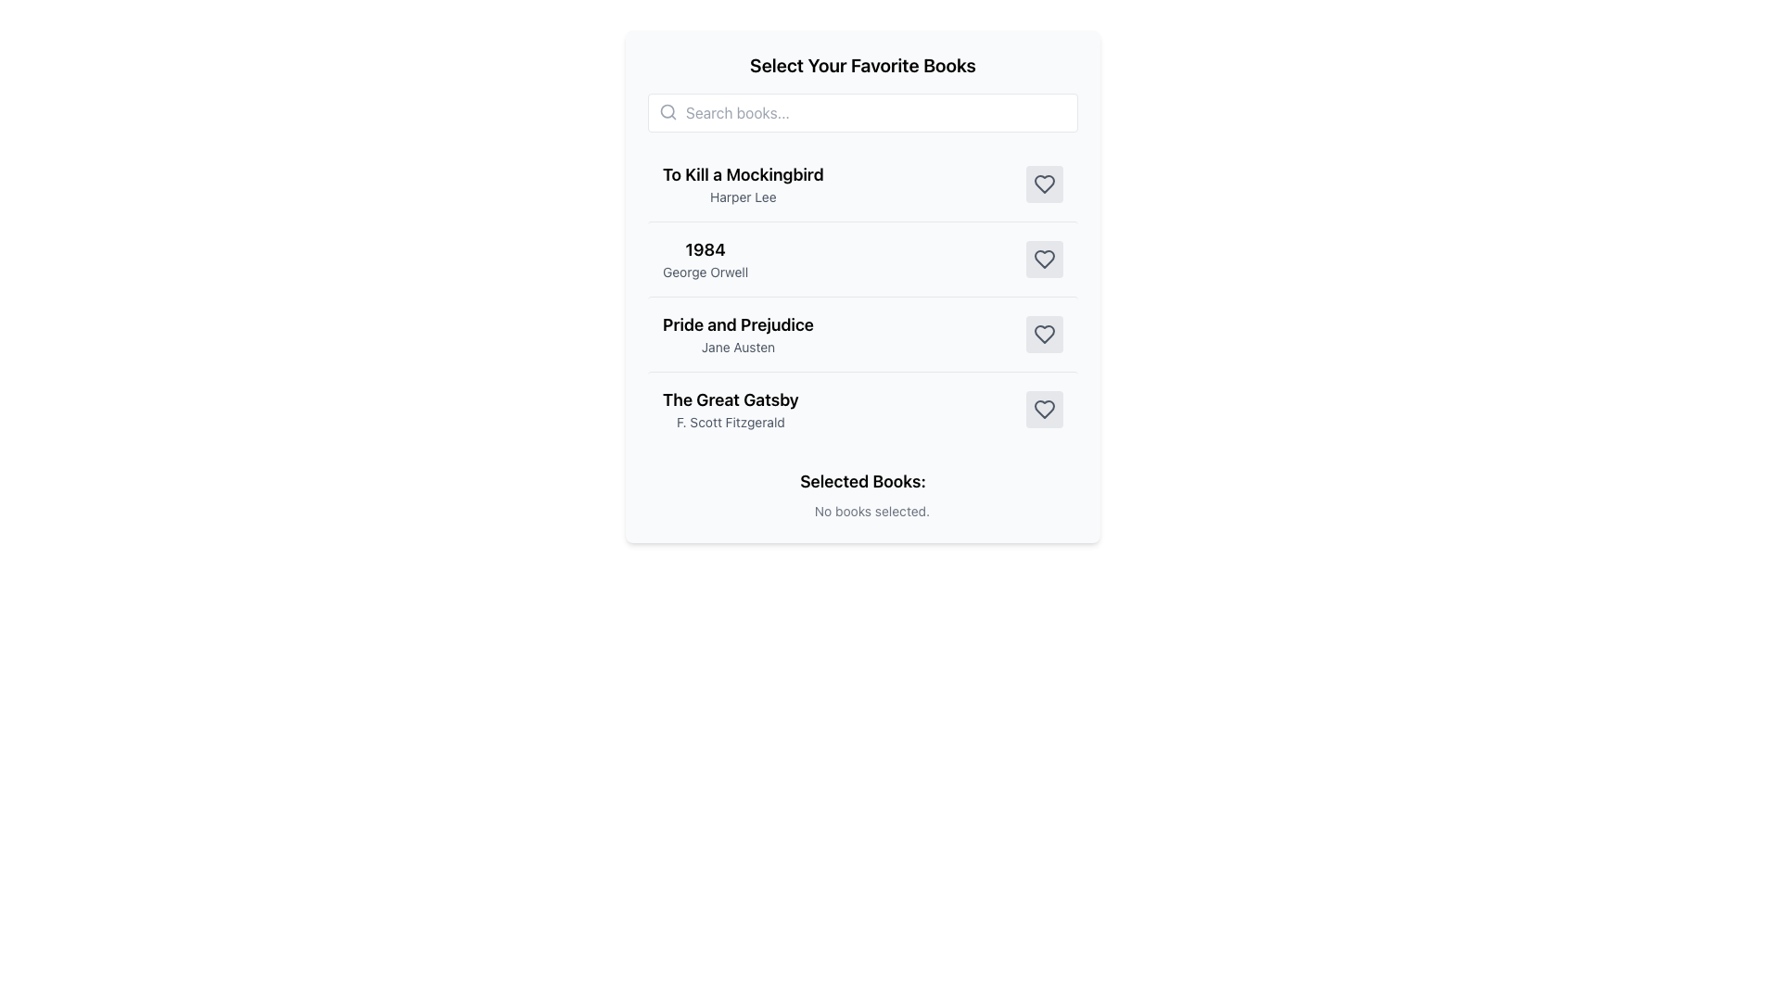 Image resolution: width=1780 pixels, height=1001 pixels. Describe the element at coordinates (730, 422) in the screenshot. I see `the static text label displaying 'F. Scott Fitzgerald', which is located beneath the title 'The Great Gatsby' in the book list` at that location.